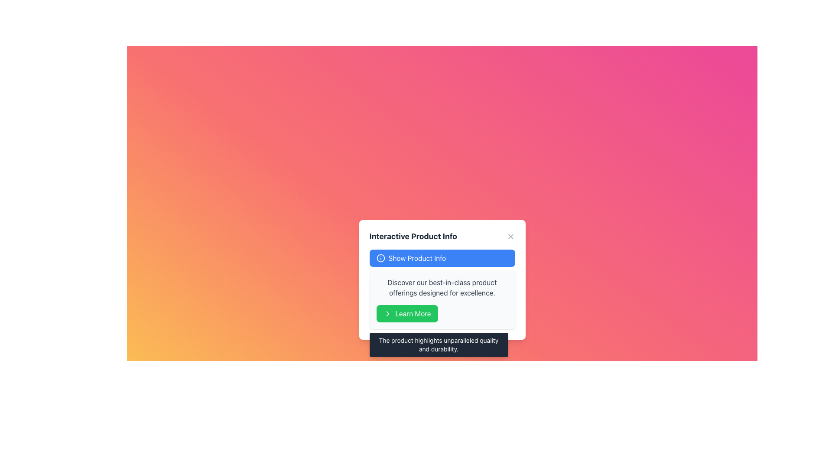  Describe the element at coordinates (442, 237) in the screenshot. I see `the title text` at that location.